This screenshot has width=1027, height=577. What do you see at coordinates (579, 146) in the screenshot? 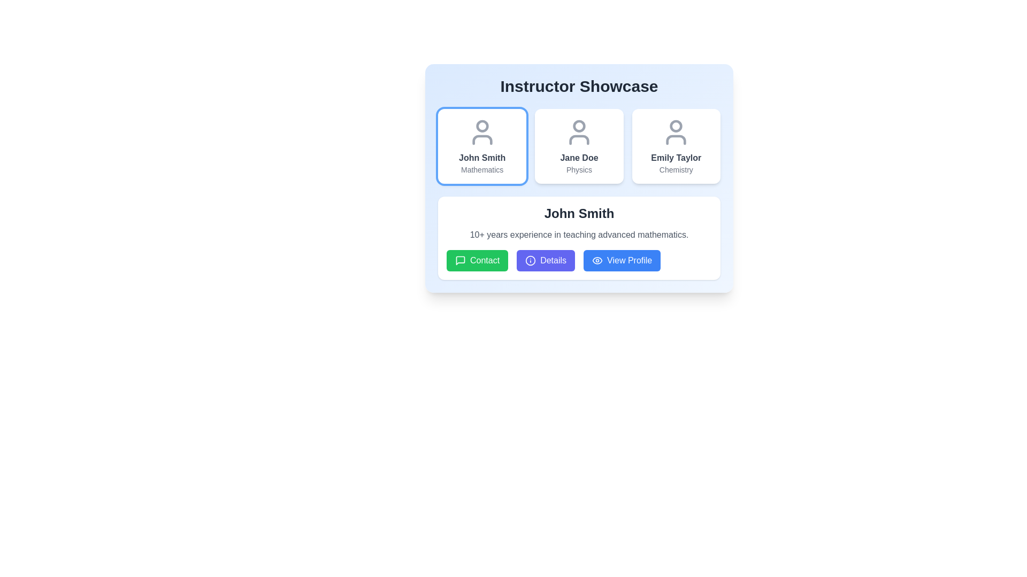
I see `the second profile card` at bounding box center [579, 146].